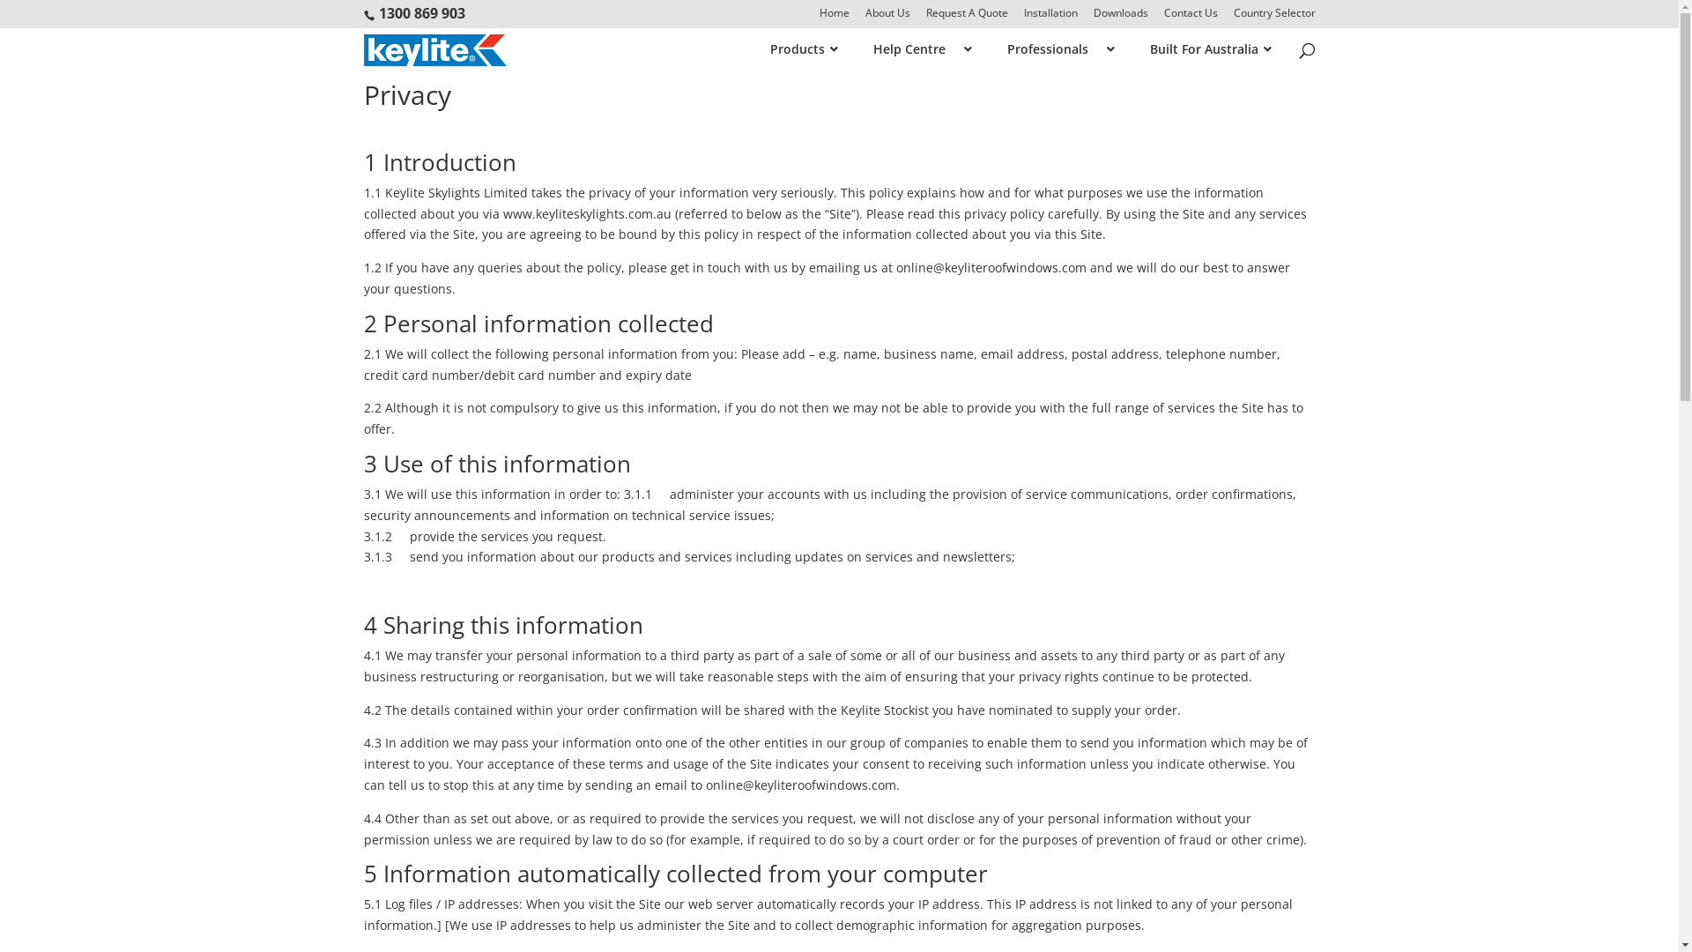 This screenshot has height=952, width=1692. Describe the element at coordinates (1051, 48) in the screenshot. I see `'Professionals'` at that location.